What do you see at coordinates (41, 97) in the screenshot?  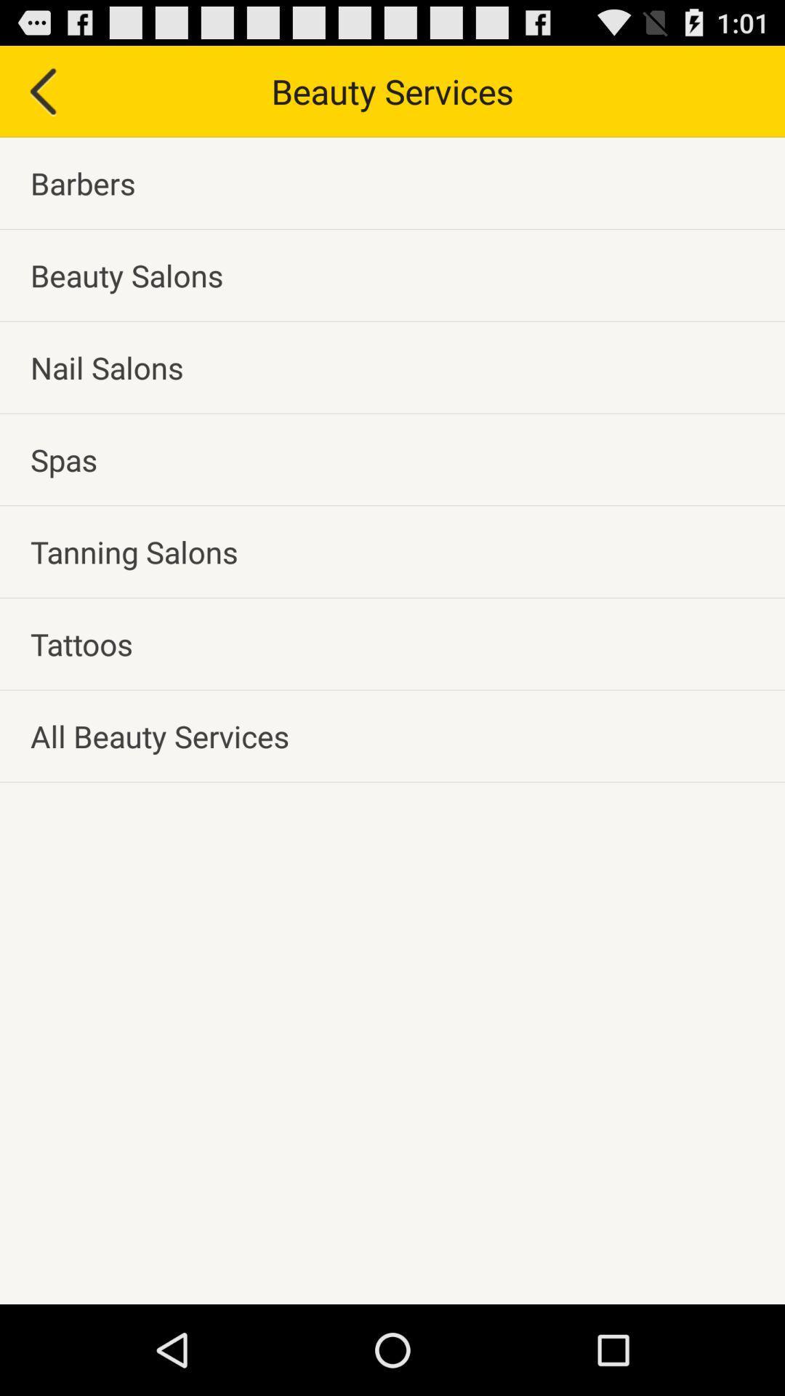 I see `the arrow_backward icon` at bounding box center [41, 97].